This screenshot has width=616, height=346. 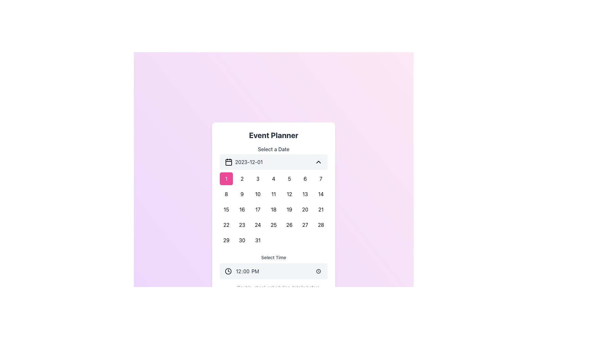 What do you see at coordinates (226, 225) in the screenshot?
I see `the selectable date button for the 22nd day in the calendar view, located in the fourth row and first column of the date-picker interface to trigger visual feedback` at bounding box center [226, 225].